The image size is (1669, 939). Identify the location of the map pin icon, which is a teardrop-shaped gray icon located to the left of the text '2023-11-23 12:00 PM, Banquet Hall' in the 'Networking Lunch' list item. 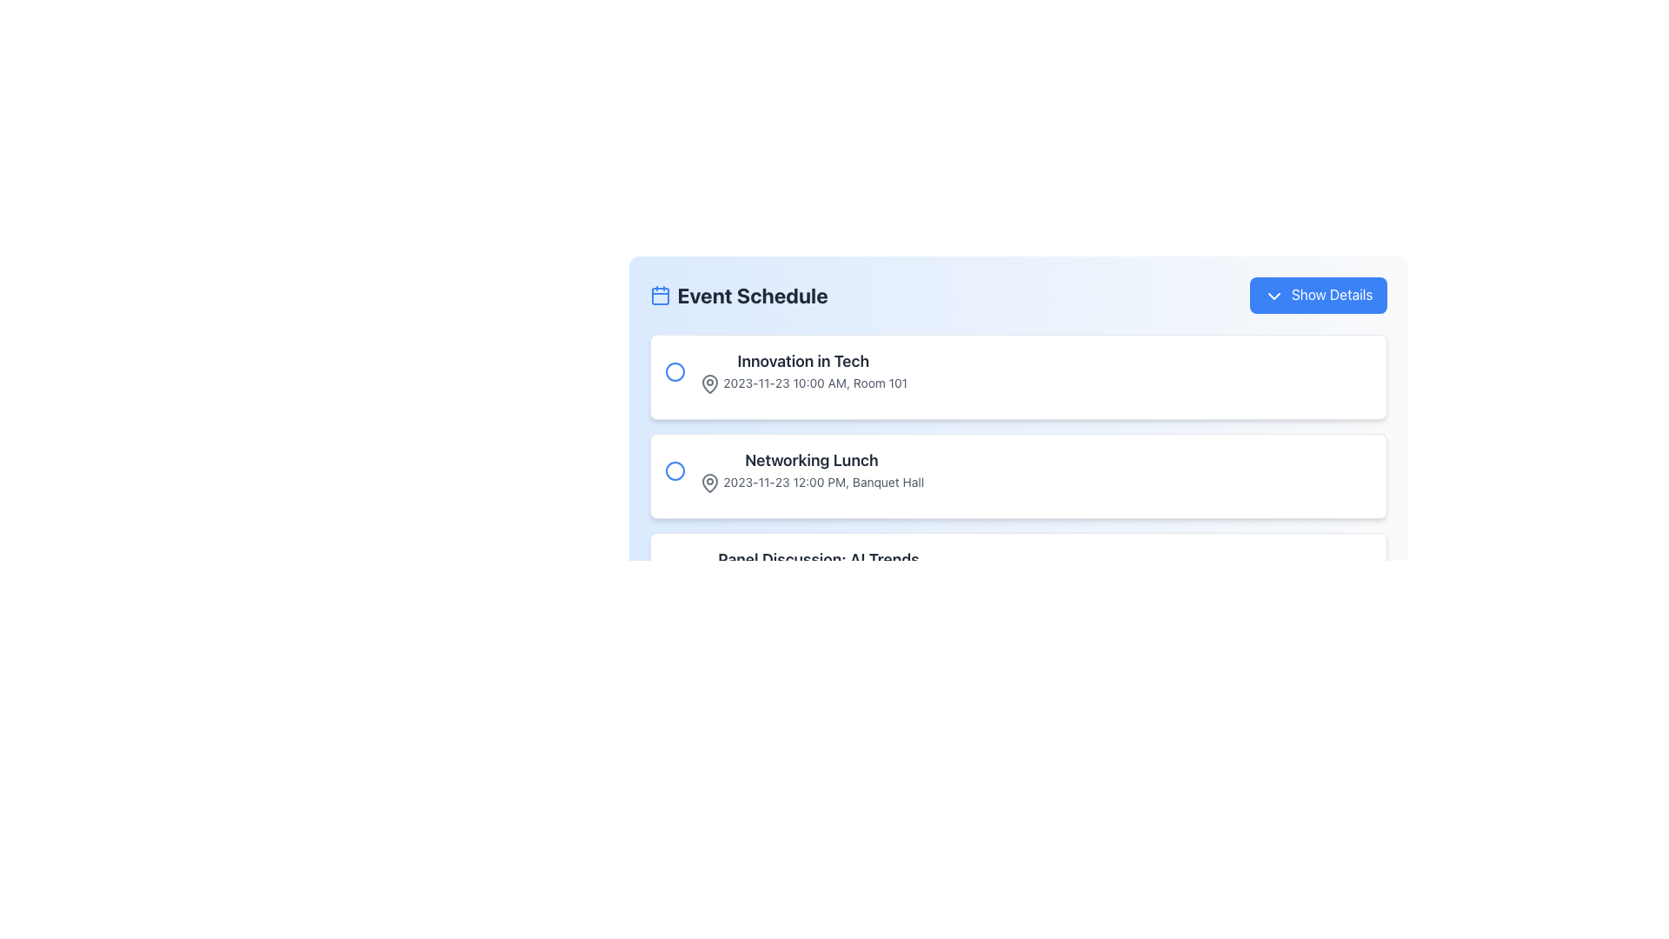
(709, 483).